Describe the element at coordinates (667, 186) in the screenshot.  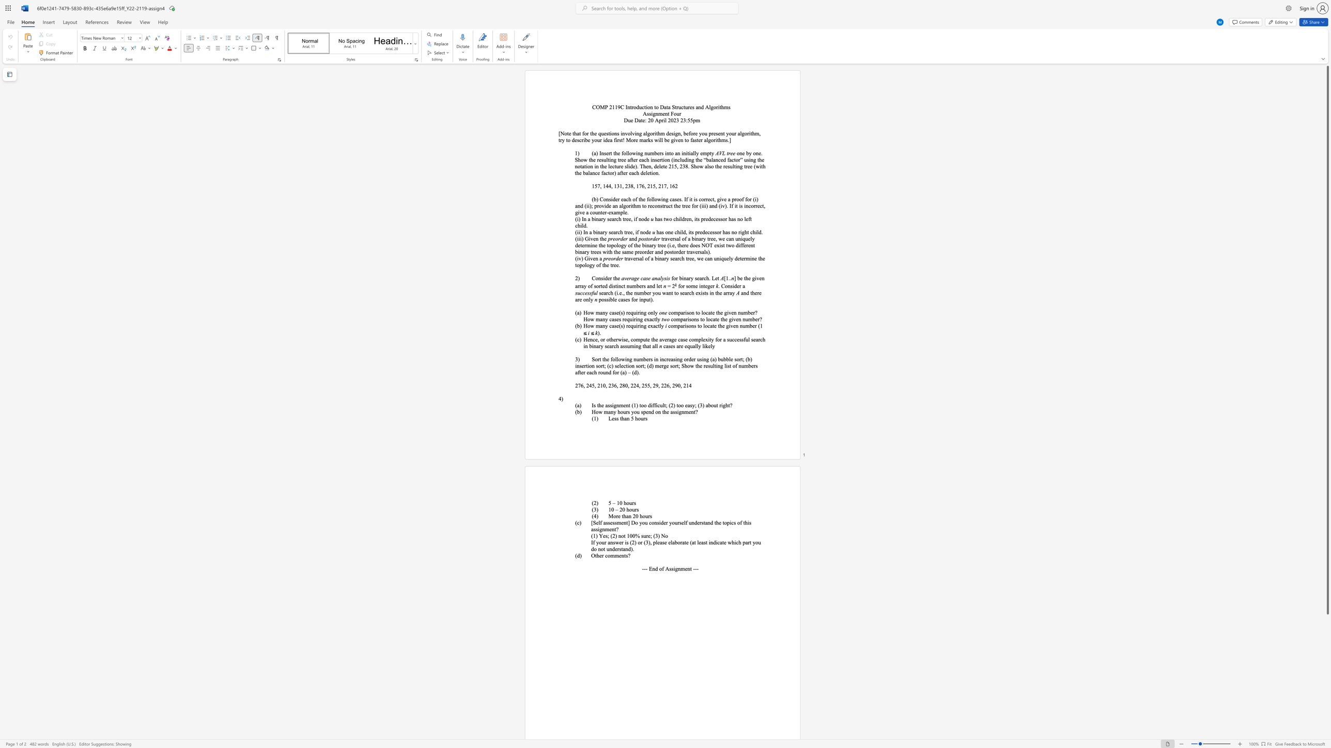
I see `the 7th character "," in the text` at that location.